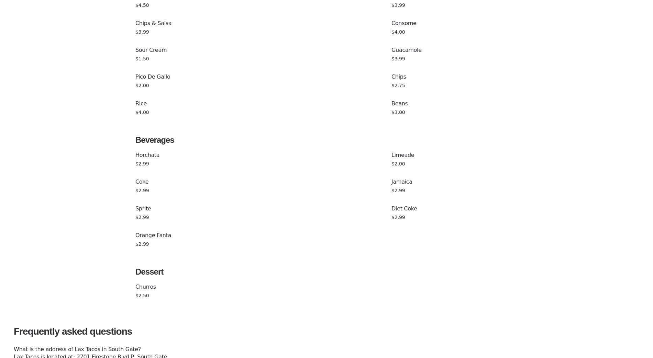 This screenshot has width=653, height=358. What do you see at coordinates (142, 295) in the screenshot?
I see `'$2.50'` at bounding box center [142, 295].